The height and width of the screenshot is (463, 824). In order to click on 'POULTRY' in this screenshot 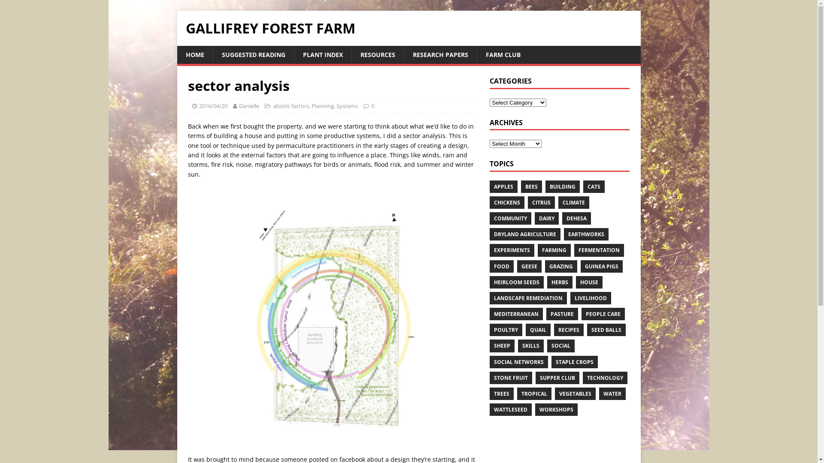, I will do `click(506, 329)`.